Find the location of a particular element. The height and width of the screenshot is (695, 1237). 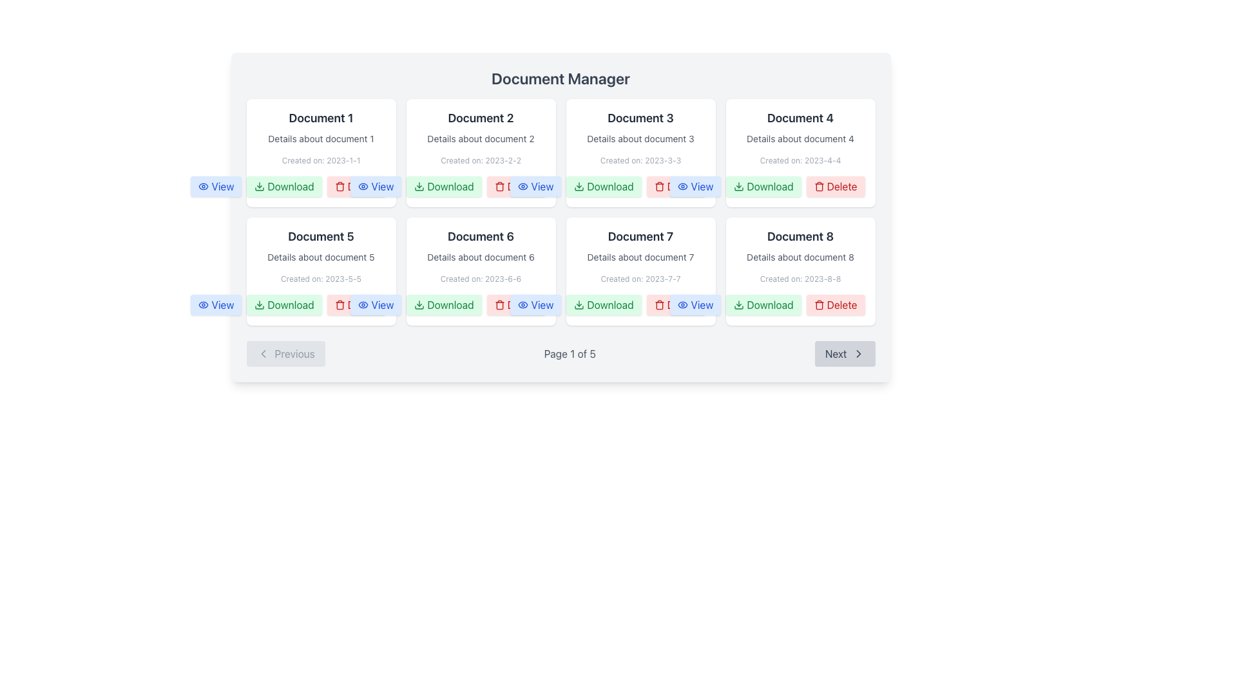

the left-facing chevron SVG icon that is part of the 'Previous' button located at the bottom-left corner of the interface is located at coordinates (262, 354).